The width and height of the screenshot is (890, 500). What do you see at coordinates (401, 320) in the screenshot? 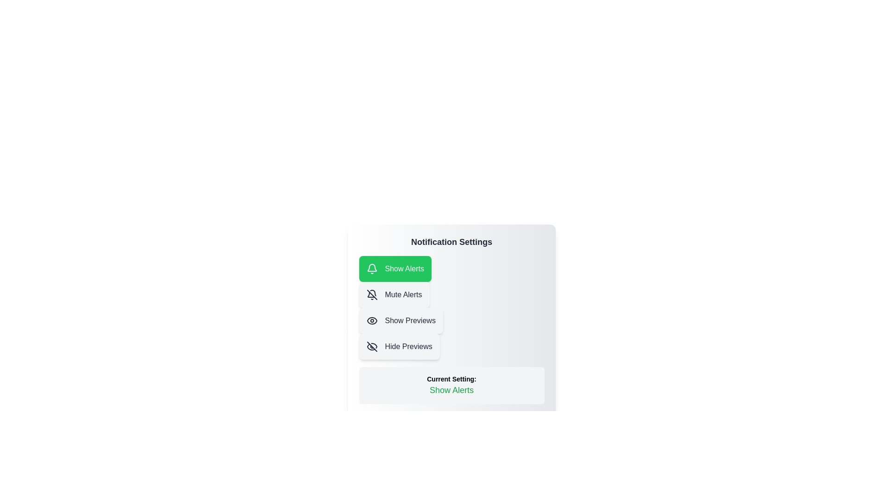
I see `the notification setting Show Previews by clicking the corresponding button` at bounding box center [401, 320].